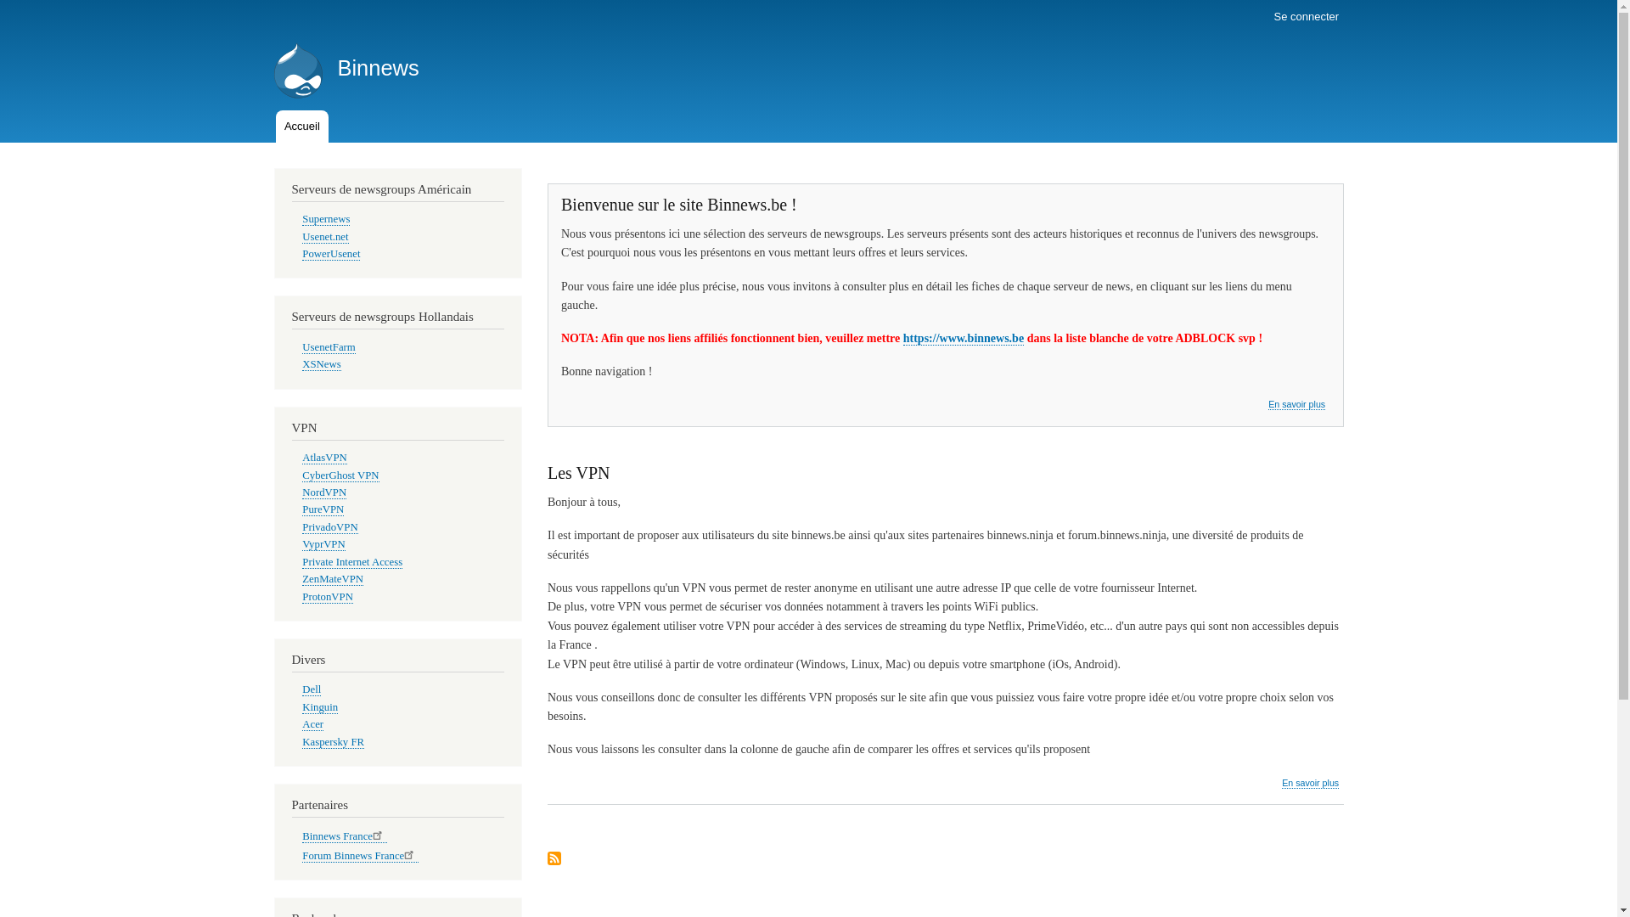  I want to click on 'CyberGhost VPN', so click(340, 475).